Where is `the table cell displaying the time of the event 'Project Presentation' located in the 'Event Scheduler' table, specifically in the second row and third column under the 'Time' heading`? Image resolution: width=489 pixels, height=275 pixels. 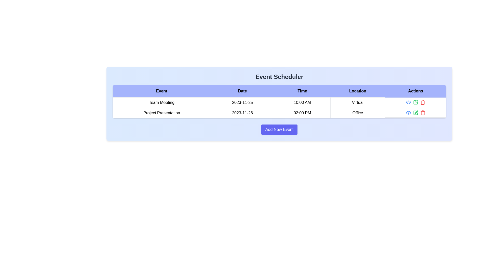
the table cell displaying the time of the event 'Project Presentation' located in the 'Event Scheduler' table, specifically in the second row and third column under the 'Time' heading is located at coordinates (302, 113).